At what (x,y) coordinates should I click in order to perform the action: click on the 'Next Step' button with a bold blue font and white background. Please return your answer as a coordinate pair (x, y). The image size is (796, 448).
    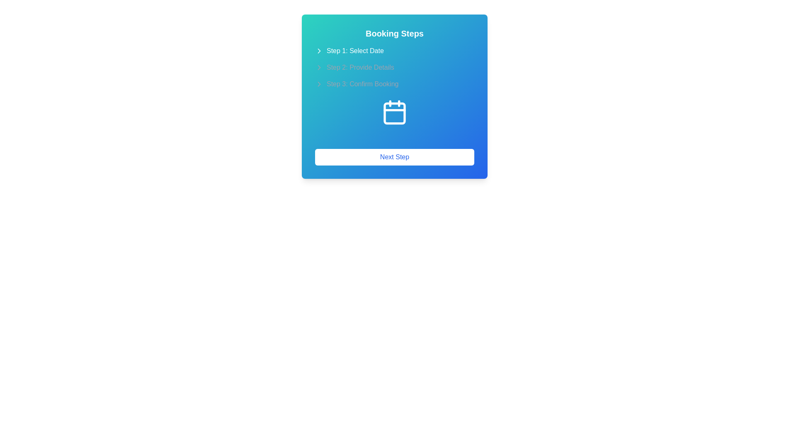
    Looking at the image, I should click on (394, 157).